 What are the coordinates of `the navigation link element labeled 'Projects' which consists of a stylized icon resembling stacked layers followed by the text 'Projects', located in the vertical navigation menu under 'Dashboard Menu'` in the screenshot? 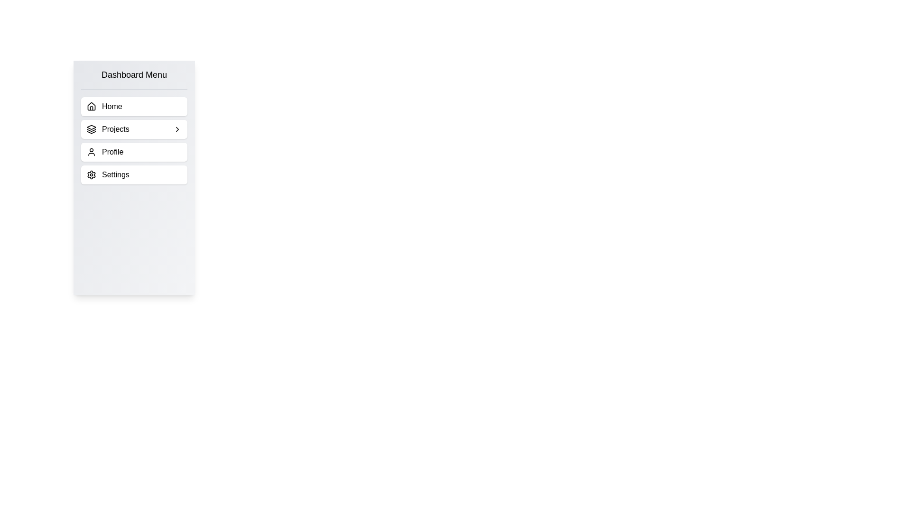 It's located at (108, 129).